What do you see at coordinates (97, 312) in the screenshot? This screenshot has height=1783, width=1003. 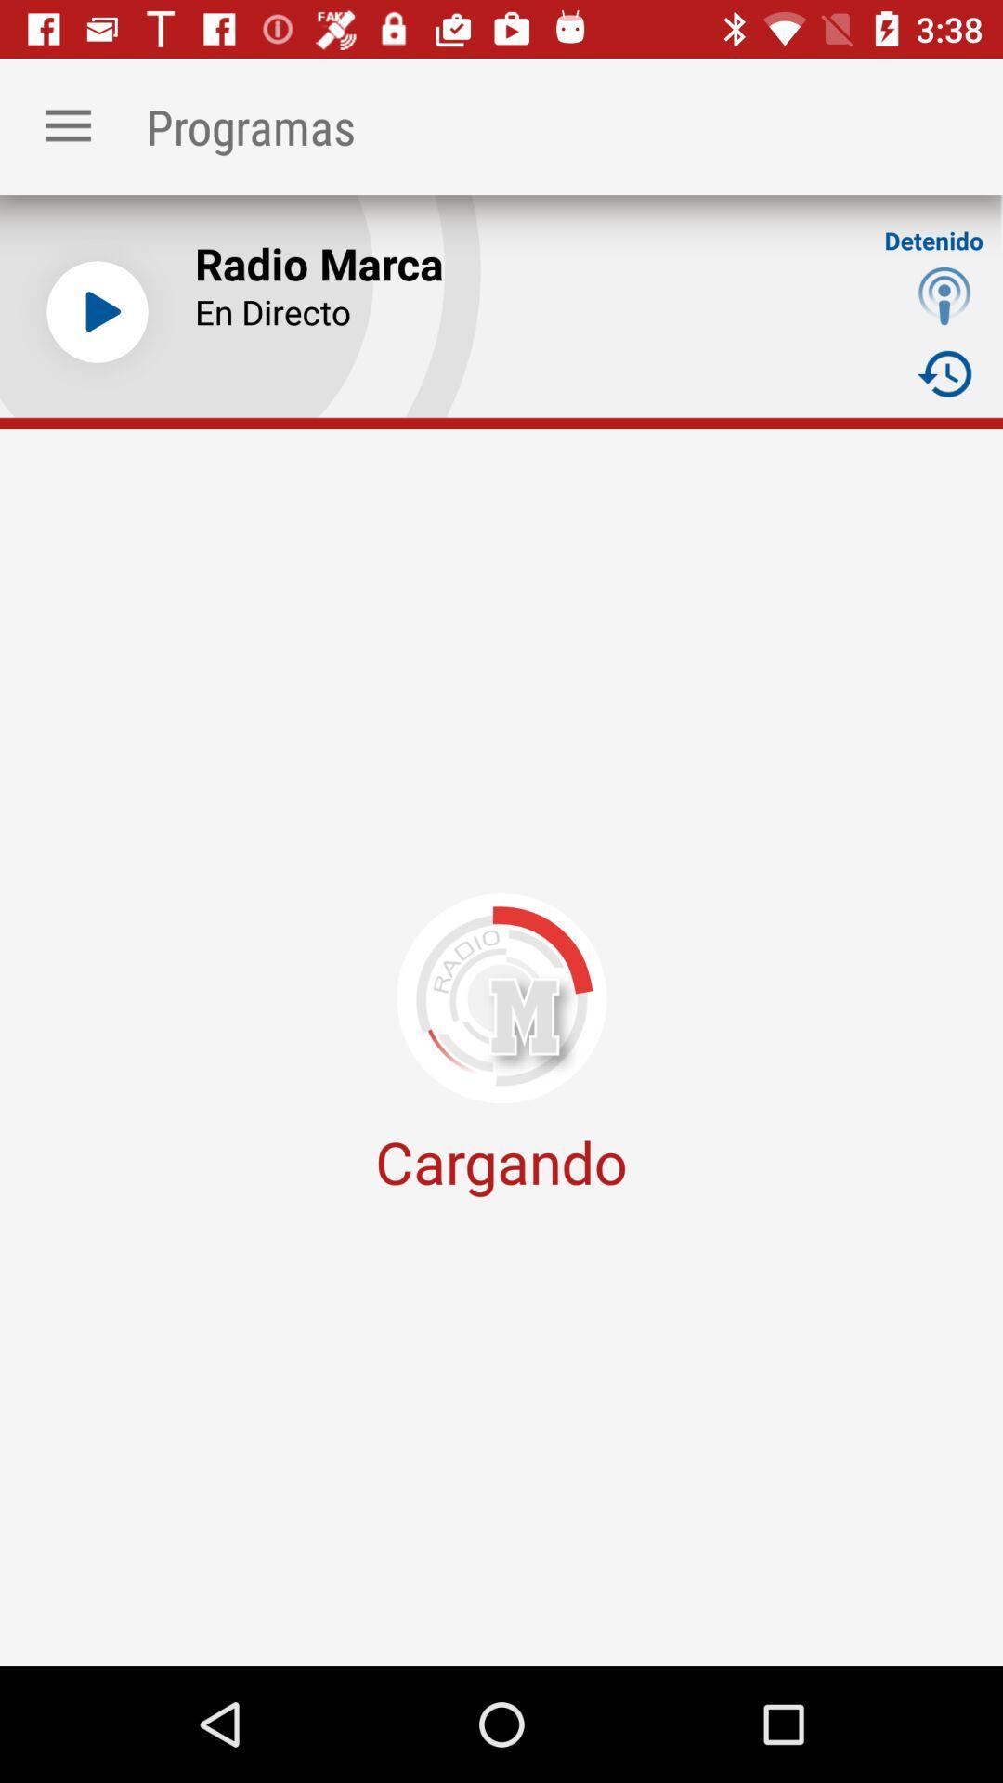 I see `play` at bounding box center [97, 312].